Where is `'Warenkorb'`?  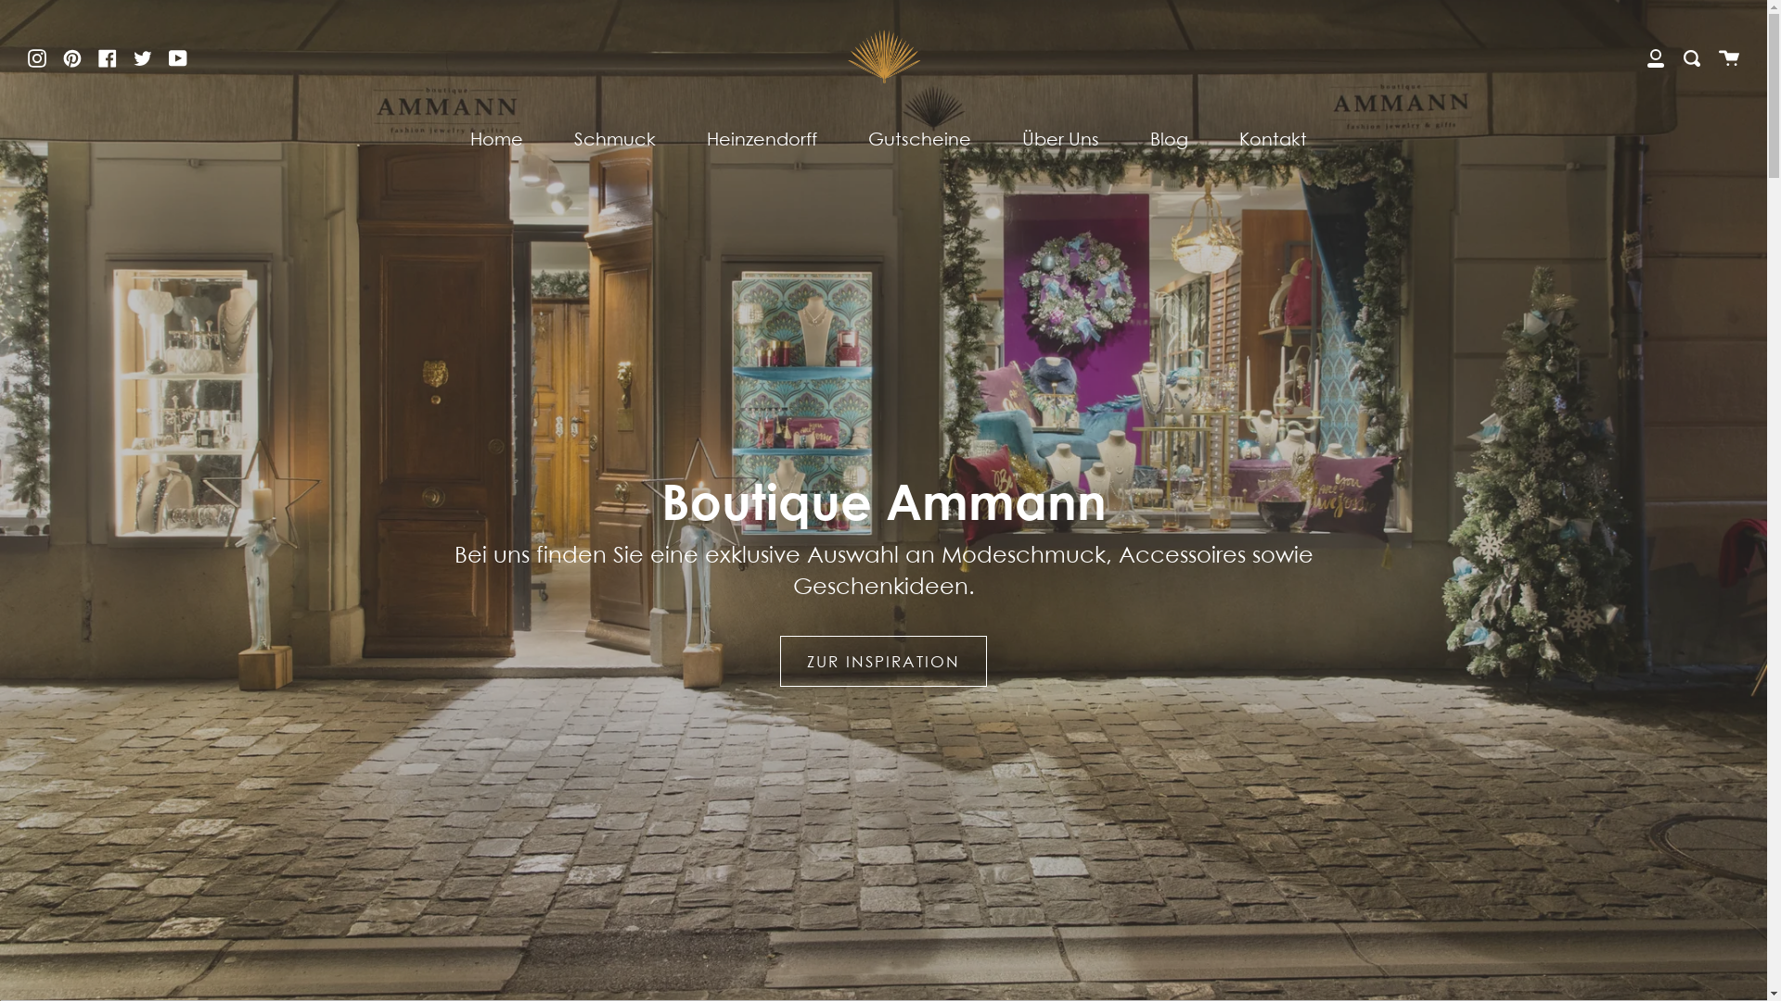
'Warenkorb' is located at coordinates (1717, 56).